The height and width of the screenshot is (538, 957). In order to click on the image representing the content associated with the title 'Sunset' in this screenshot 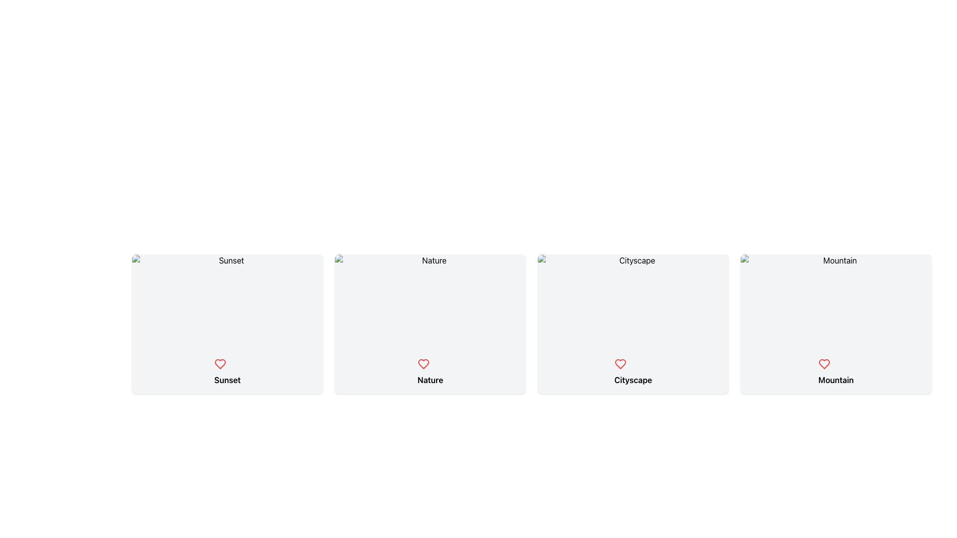, I will do `click(227, 301)`.